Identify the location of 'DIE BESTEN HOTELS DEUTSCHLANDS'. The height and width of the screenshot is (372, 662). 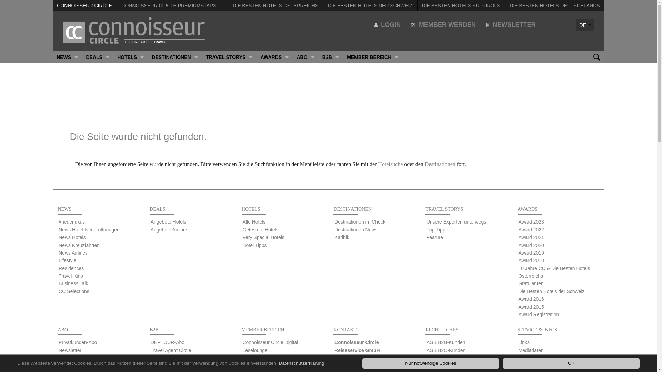
(510, 5).